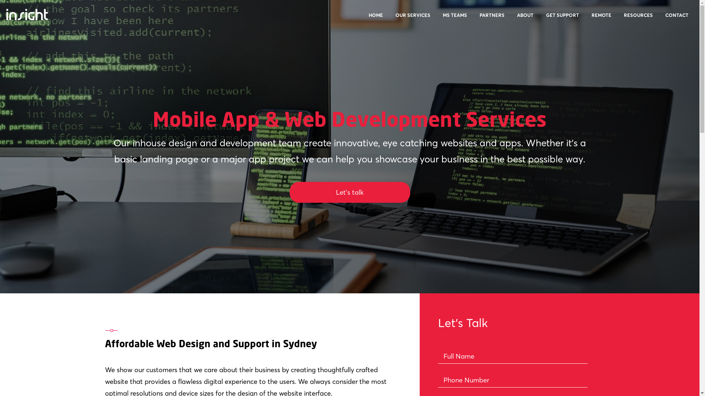 The width and height of the screenshot is (705, 396). Describe the element at coordinates (437, 19) in the screenshot. I see `'MS TEAMS'` at that location.